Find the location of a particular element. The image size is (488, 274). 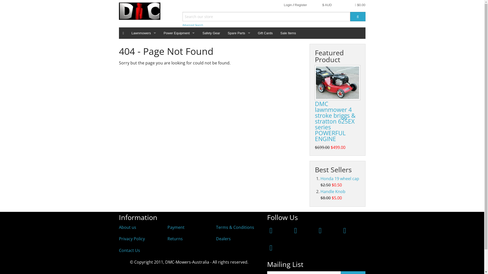

'Advanced Search' is located at coordinates (182, 25).